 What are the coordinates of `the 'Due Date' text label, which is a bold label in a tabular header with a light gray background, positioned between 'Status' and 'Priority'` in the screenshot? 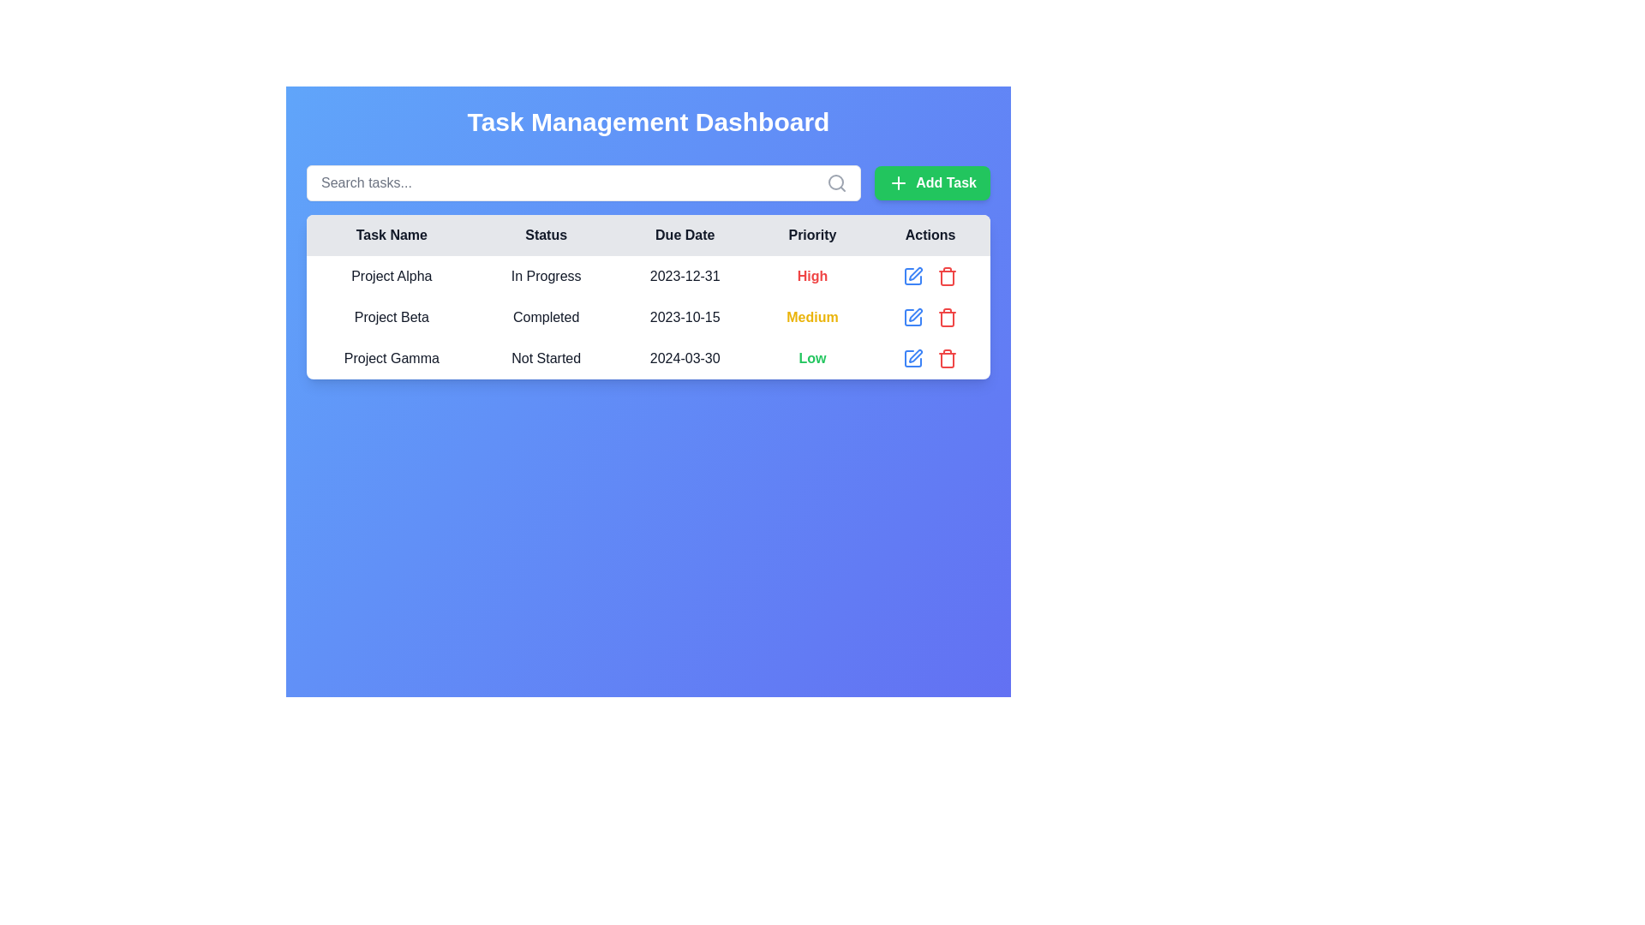 It's located at (684, 235).